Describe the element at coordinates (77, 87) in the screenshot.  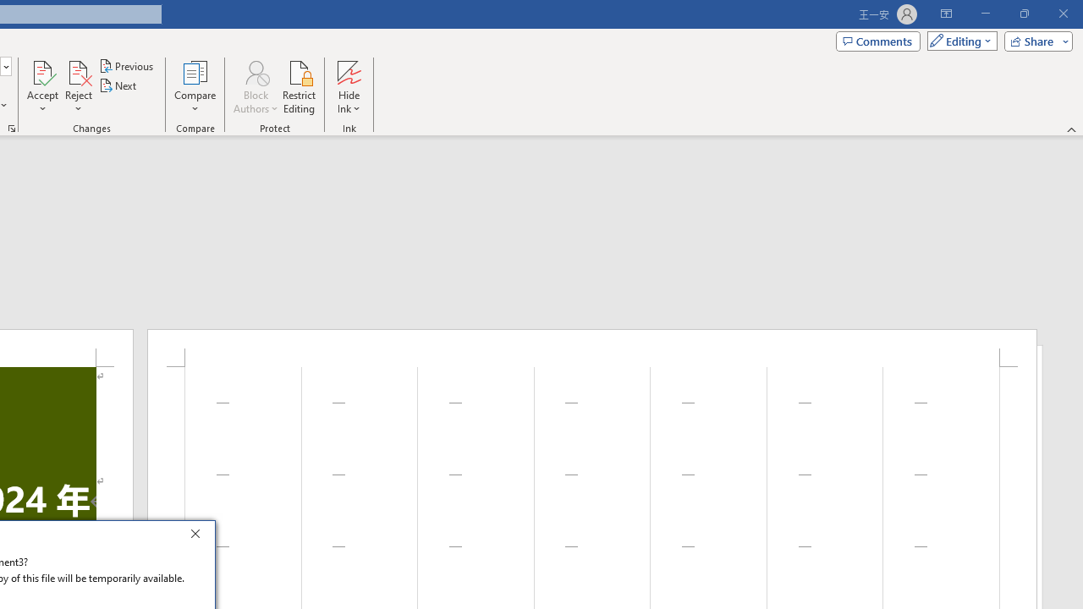
I see `'Reject'` at that location.